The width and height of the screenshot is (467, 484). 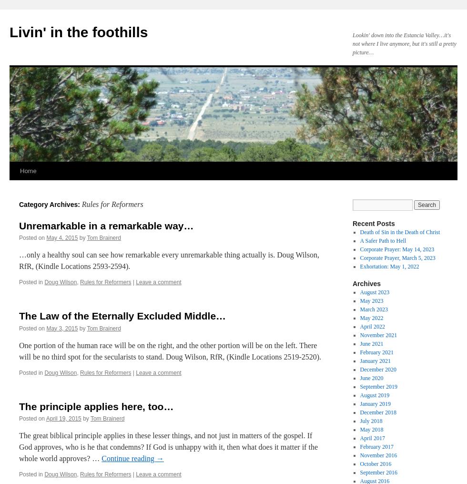 I want to click on 'Unremarkable in a remarkable way…', so click(x=106, y=225).